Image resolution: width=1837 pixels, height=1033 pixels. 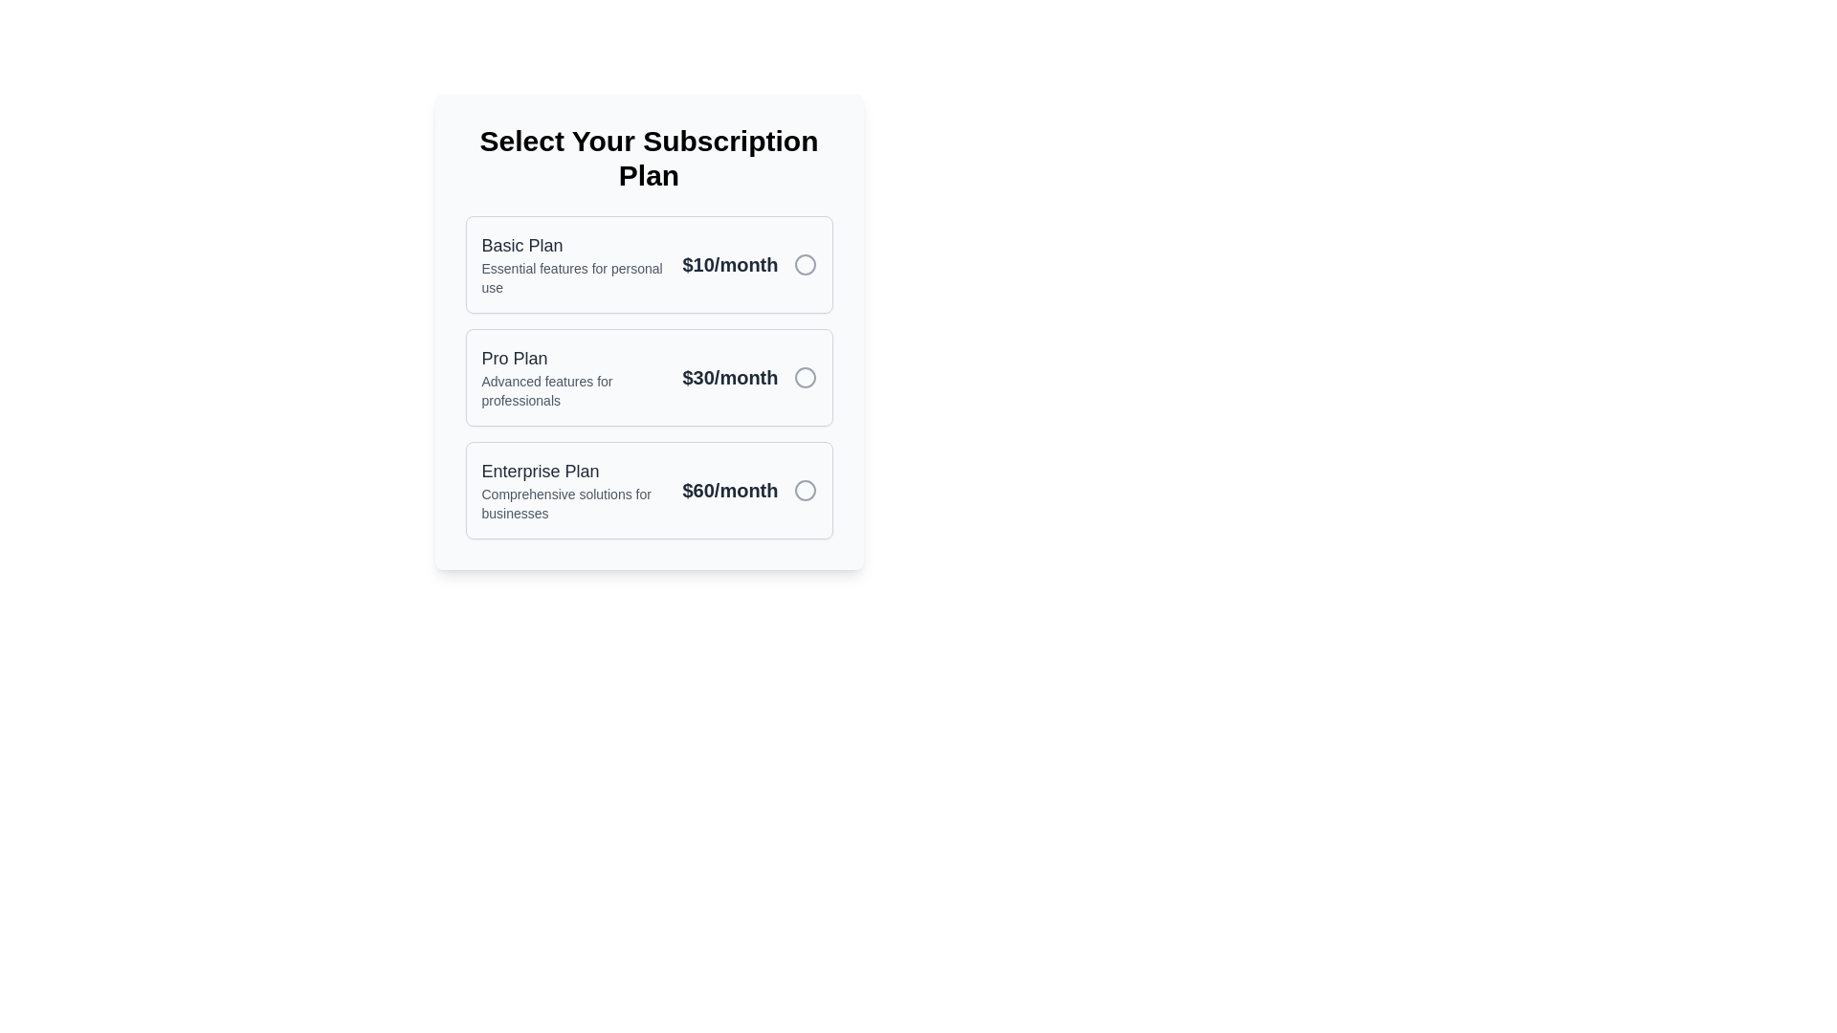 What do you see at coordinates (573, 377) in the screenshot?
I see `the text element titled 'Pro Plan'` at bounding box center [573, 377].